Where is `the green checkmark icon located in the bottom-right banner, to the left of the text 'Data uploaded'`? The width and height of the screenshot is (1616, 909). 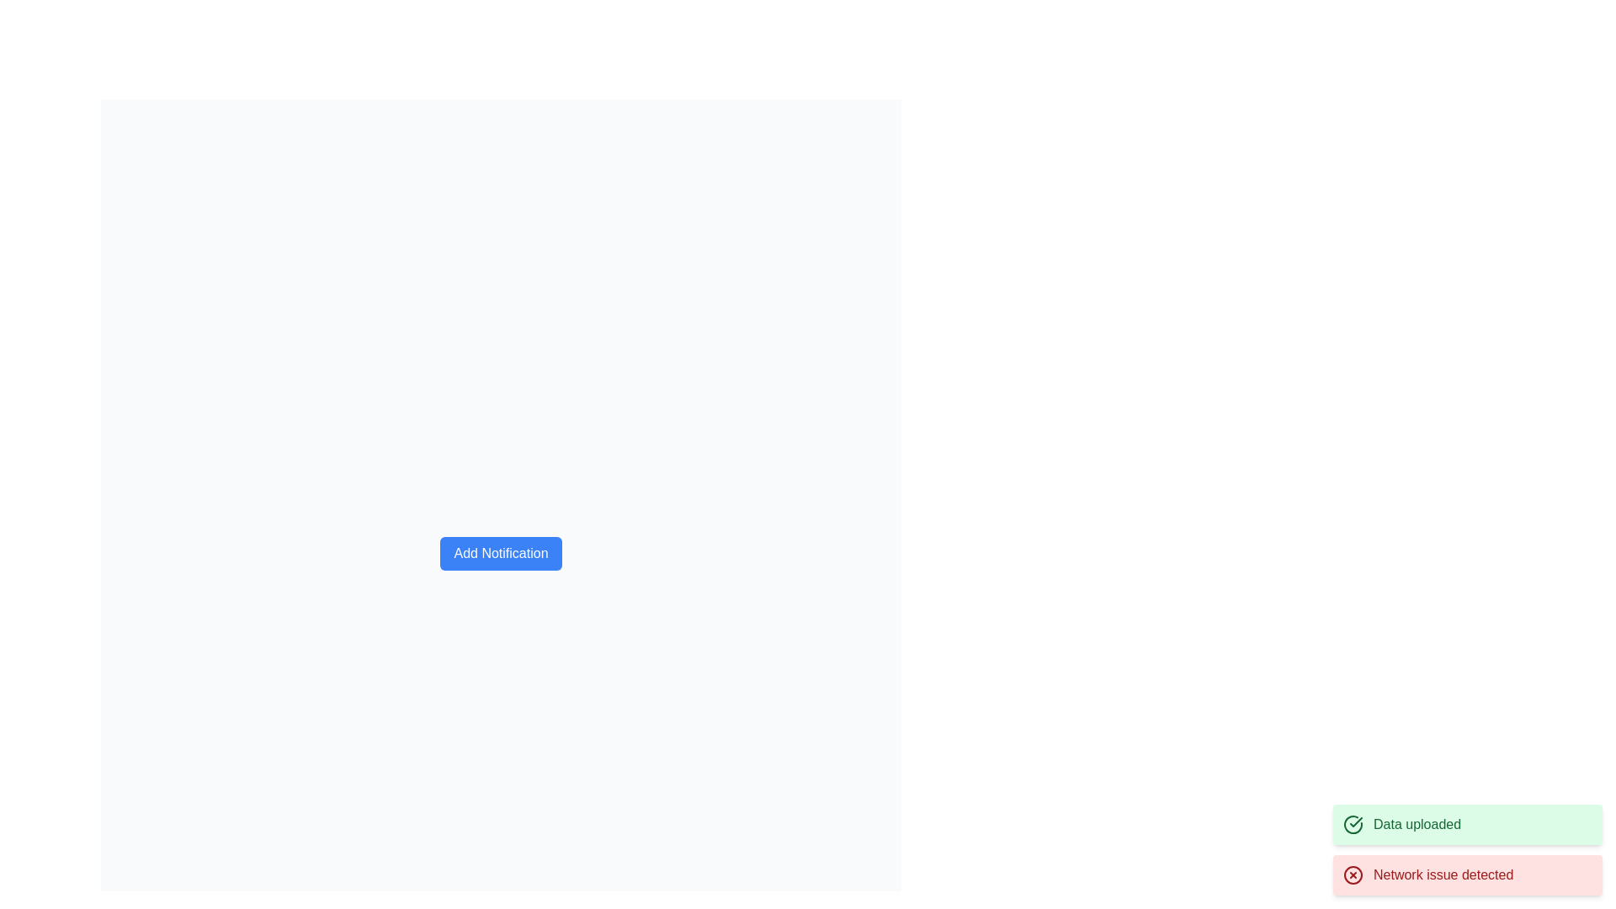 the green checkmark icon located in the bottom-right banner, to the left of the text 'Data uploaded' is located at coordinates (1353, 823).